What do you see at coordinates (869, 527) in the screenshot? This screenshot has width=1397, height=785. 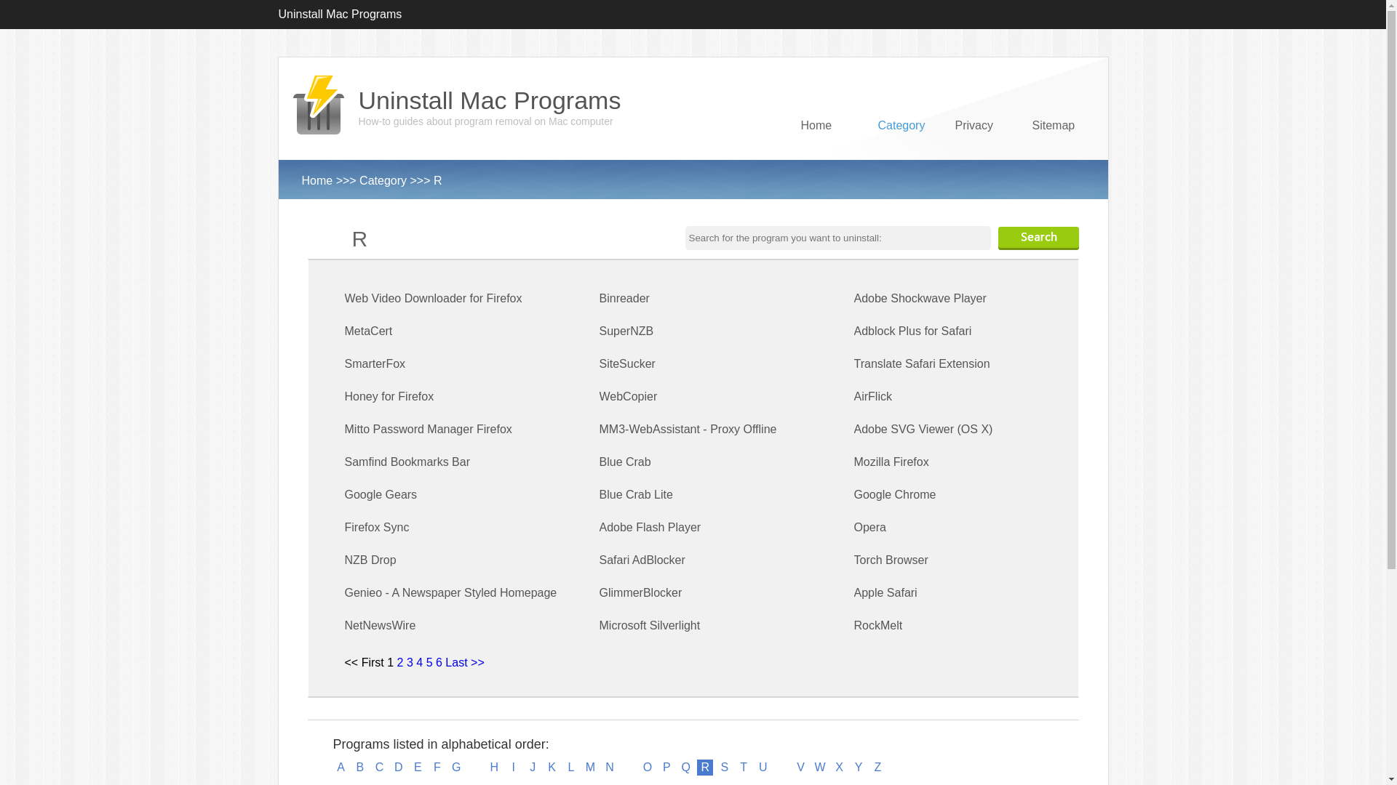 I see `'Opera'` at bounding box center [869, 527].